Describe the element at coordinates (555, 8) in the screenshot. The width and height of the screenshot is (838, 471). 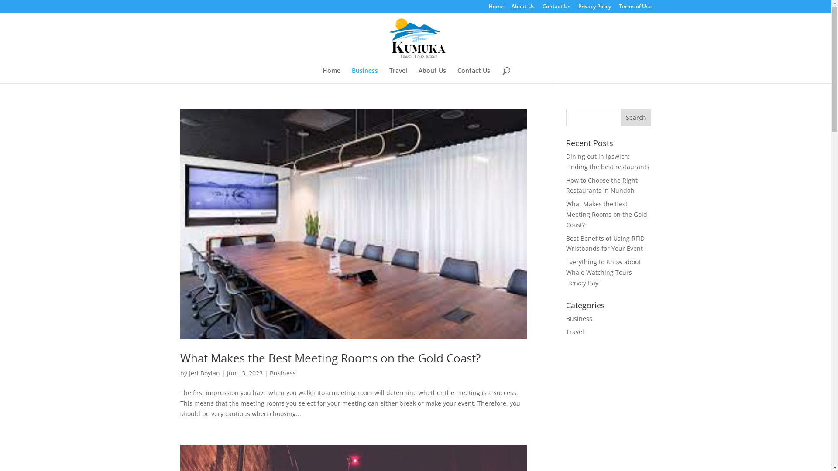
I see `'Contact Us'` at that location.